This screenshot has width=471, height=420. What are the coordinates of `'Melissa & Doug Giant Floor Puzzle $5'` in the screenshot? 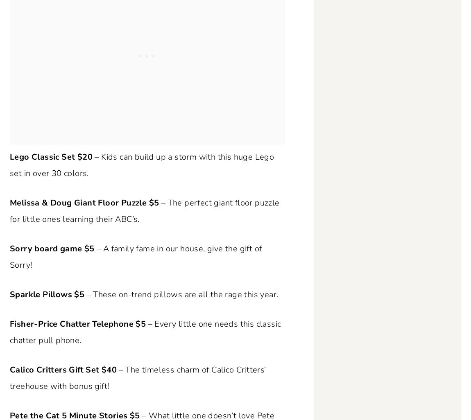 It's located at (84, 202).